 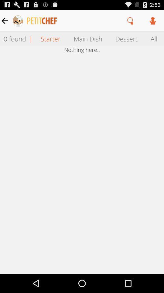 I want to click on icon next to all icon, so click(x=126, y=38).